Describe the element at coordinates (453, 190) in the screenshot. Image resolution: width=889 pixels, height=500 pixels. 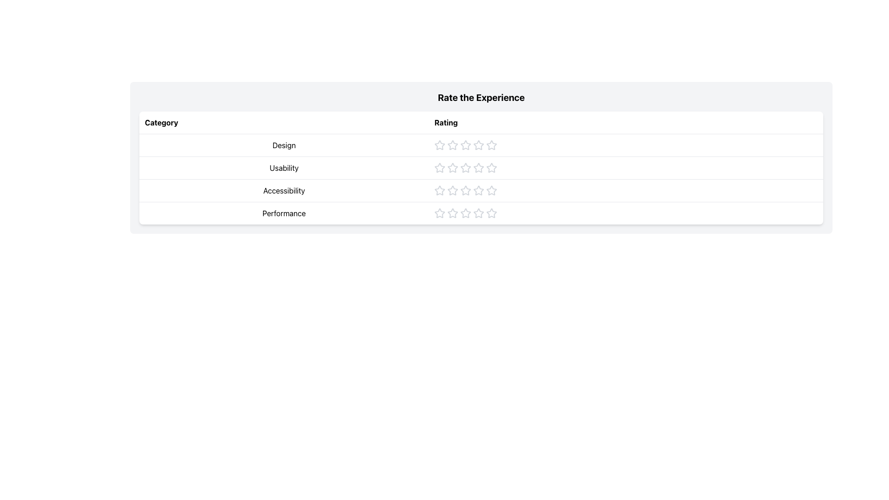
I see `the third star in the 'Accessibility' rating row` at that location.